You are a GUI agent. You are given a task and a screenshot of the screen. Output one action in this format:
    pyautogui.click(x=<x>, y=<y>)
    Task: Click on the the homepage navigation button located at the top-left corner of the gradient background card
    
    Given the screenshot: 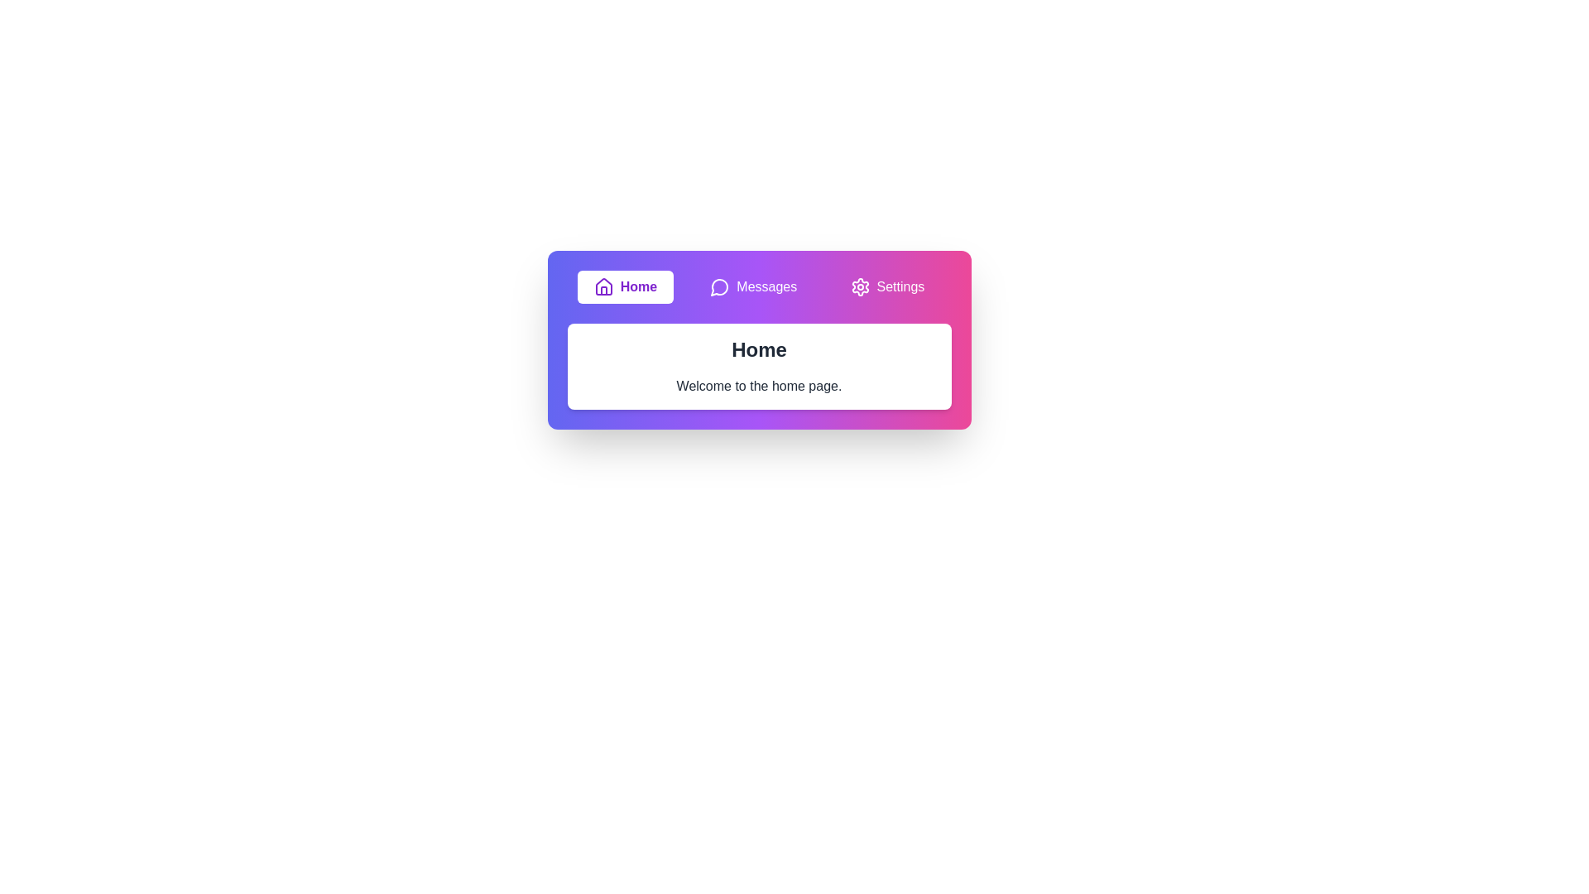 What is the action you would take?
    pyautogui.click(x=624, y=286)
    